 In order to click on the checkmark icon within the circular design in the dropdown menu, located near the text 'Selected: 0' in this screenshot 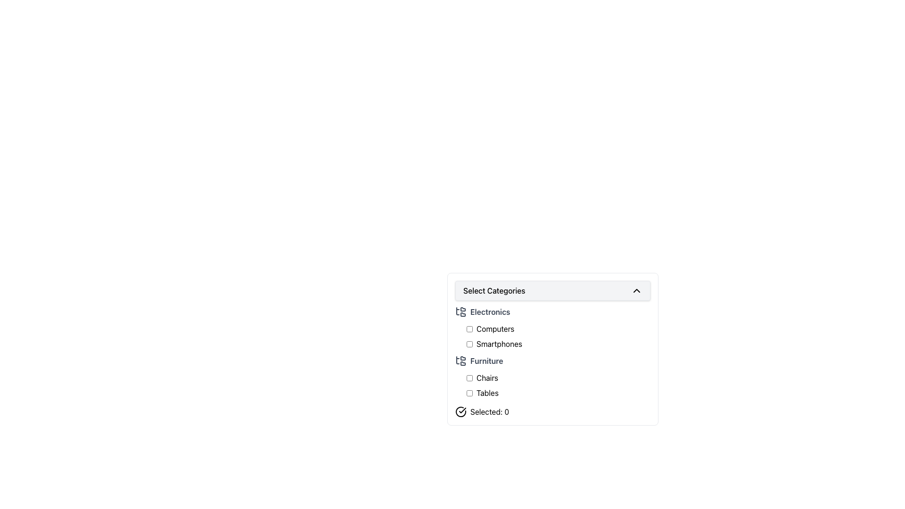, I will do `click(462, 410)`.